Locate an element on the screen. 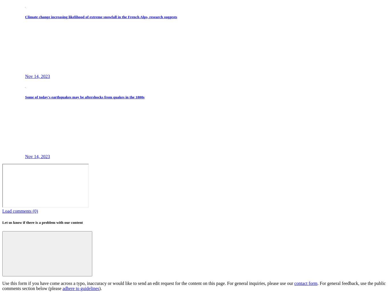  'Let us know if there is a problem with our content' is located at coordinates (42, 222).